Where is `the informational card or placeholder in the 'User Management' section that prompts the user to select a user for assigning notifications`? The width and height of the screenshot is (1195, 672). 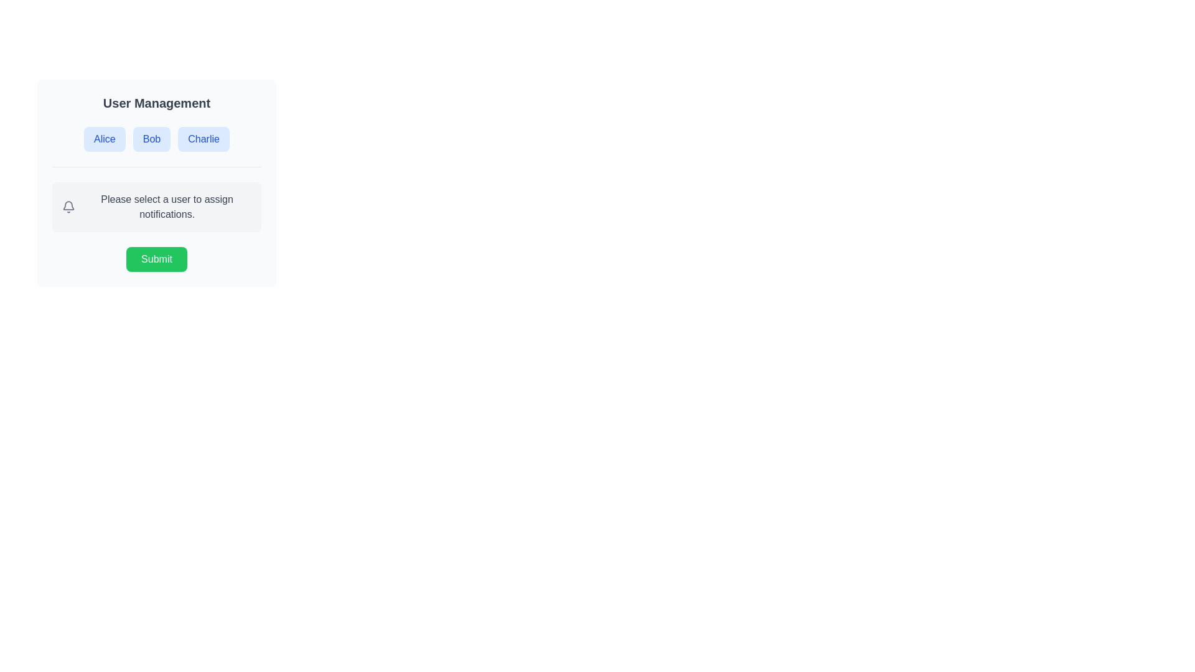 the informational card or placeholder in the 'User Management' section that prompts the user to select a user for assigning notifications is located at coordinates (156, 206).